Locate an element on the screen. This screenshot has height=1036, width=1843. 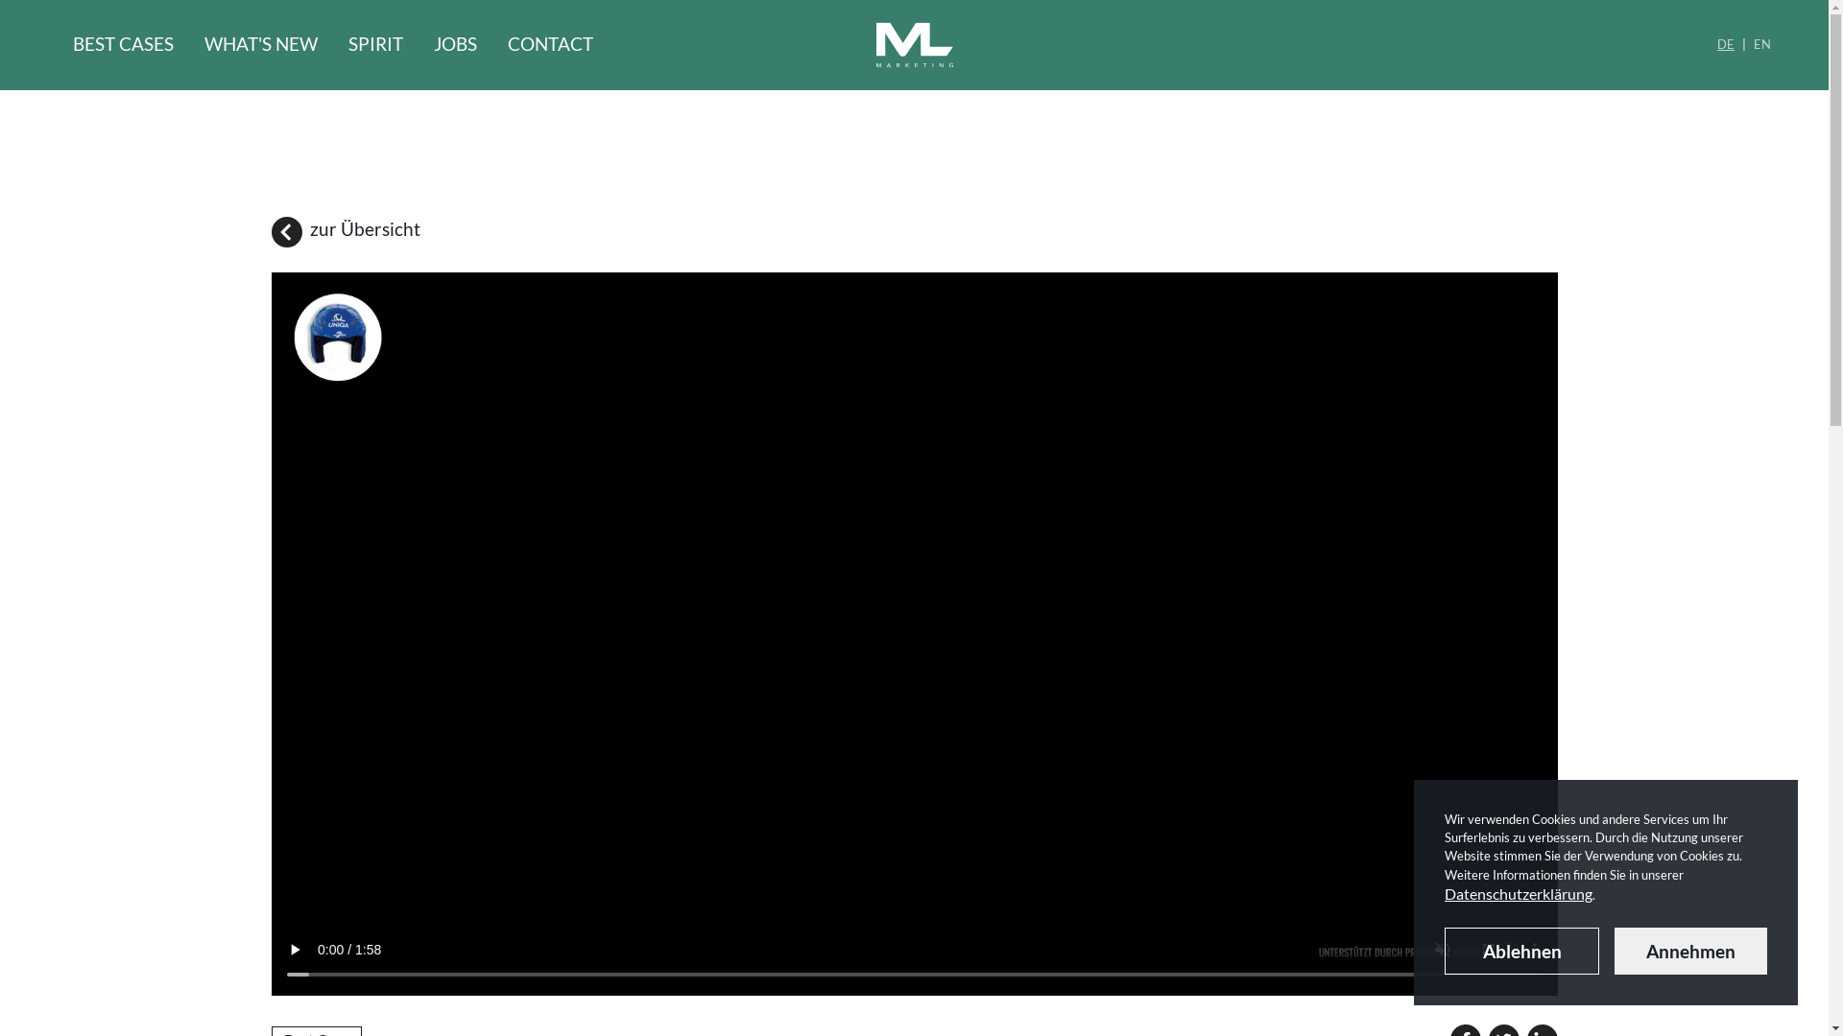
'EN' is located at coordinates (1754, 44).